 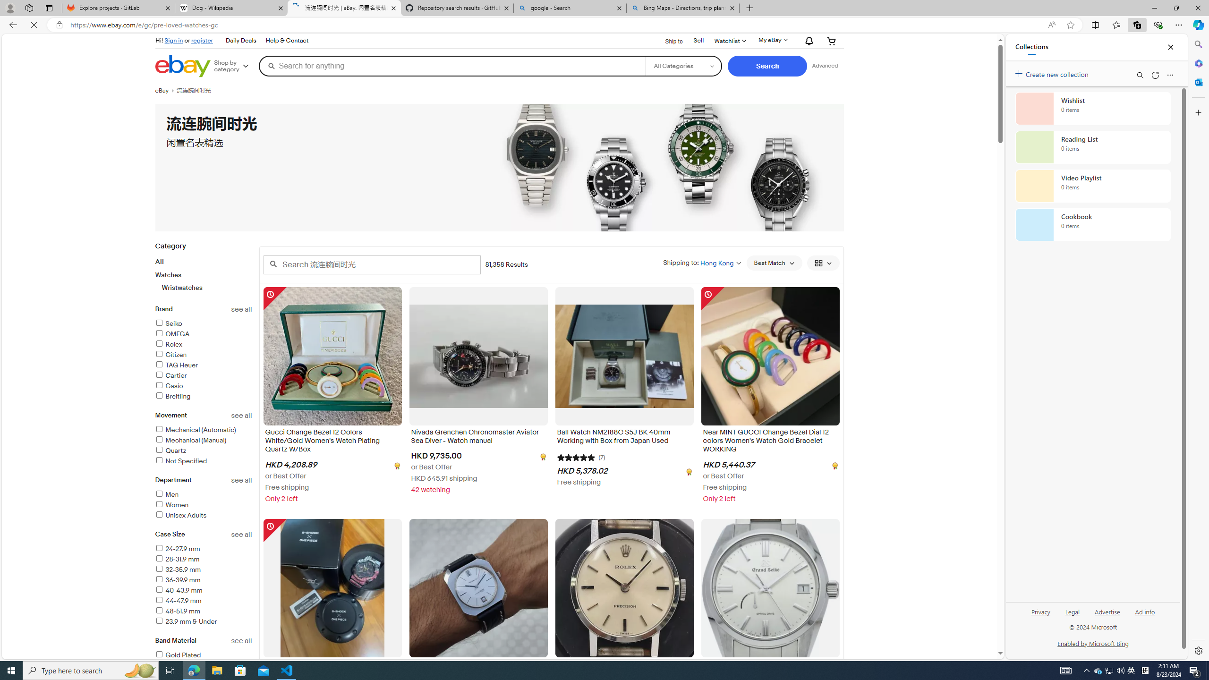 What do you see at coordinates (772, 40) in the screenshot?
I see `'My eBayExpand My eBay'` at bounding box center [772, 40].